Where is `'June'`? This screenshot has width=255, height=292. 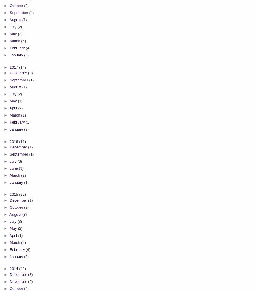
'June' is located at coordinates (14, 168).